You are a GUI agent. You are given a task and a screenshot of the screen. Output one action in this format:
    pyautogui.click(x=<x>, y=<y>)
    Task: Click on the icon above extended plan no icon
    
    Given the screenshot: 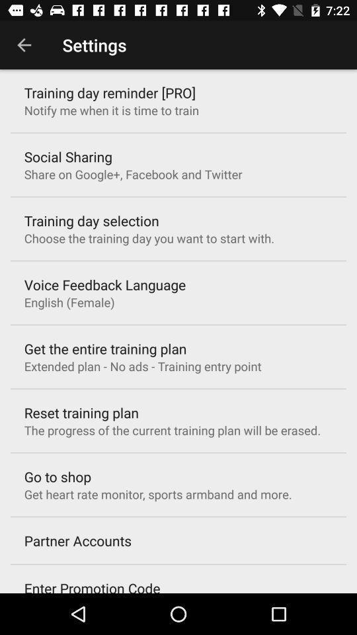 What is the action you would take?
    pyautogui.click(x=104, y=348)
    